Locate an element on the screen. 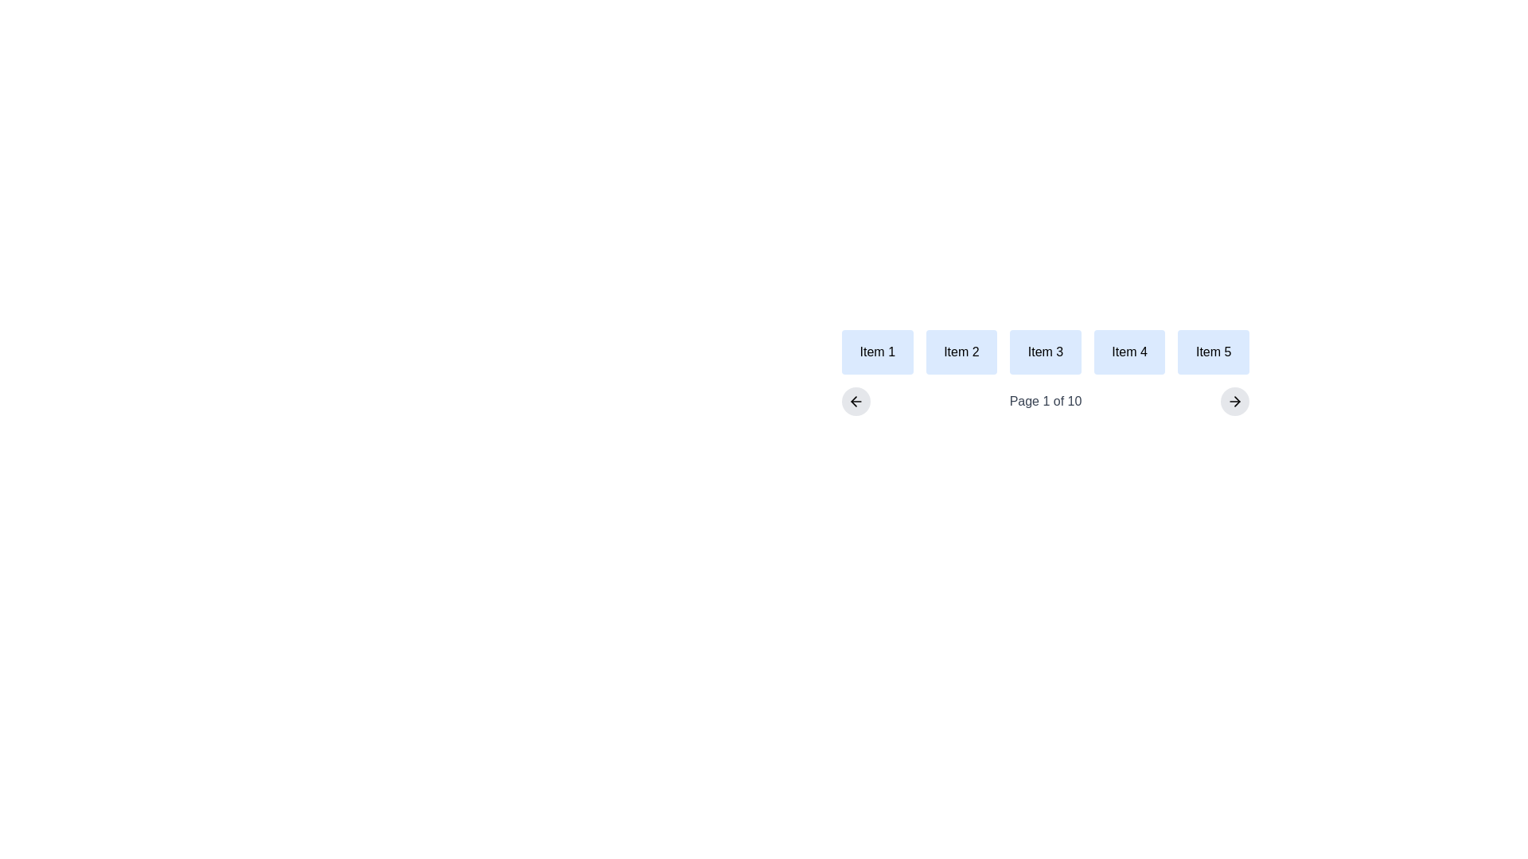 The width and height of the screenshot is (1528, 859). the third item in the grid display, which is positioned between 'Item 2' and 'Item 4' is located at coordinates (1046, 352).